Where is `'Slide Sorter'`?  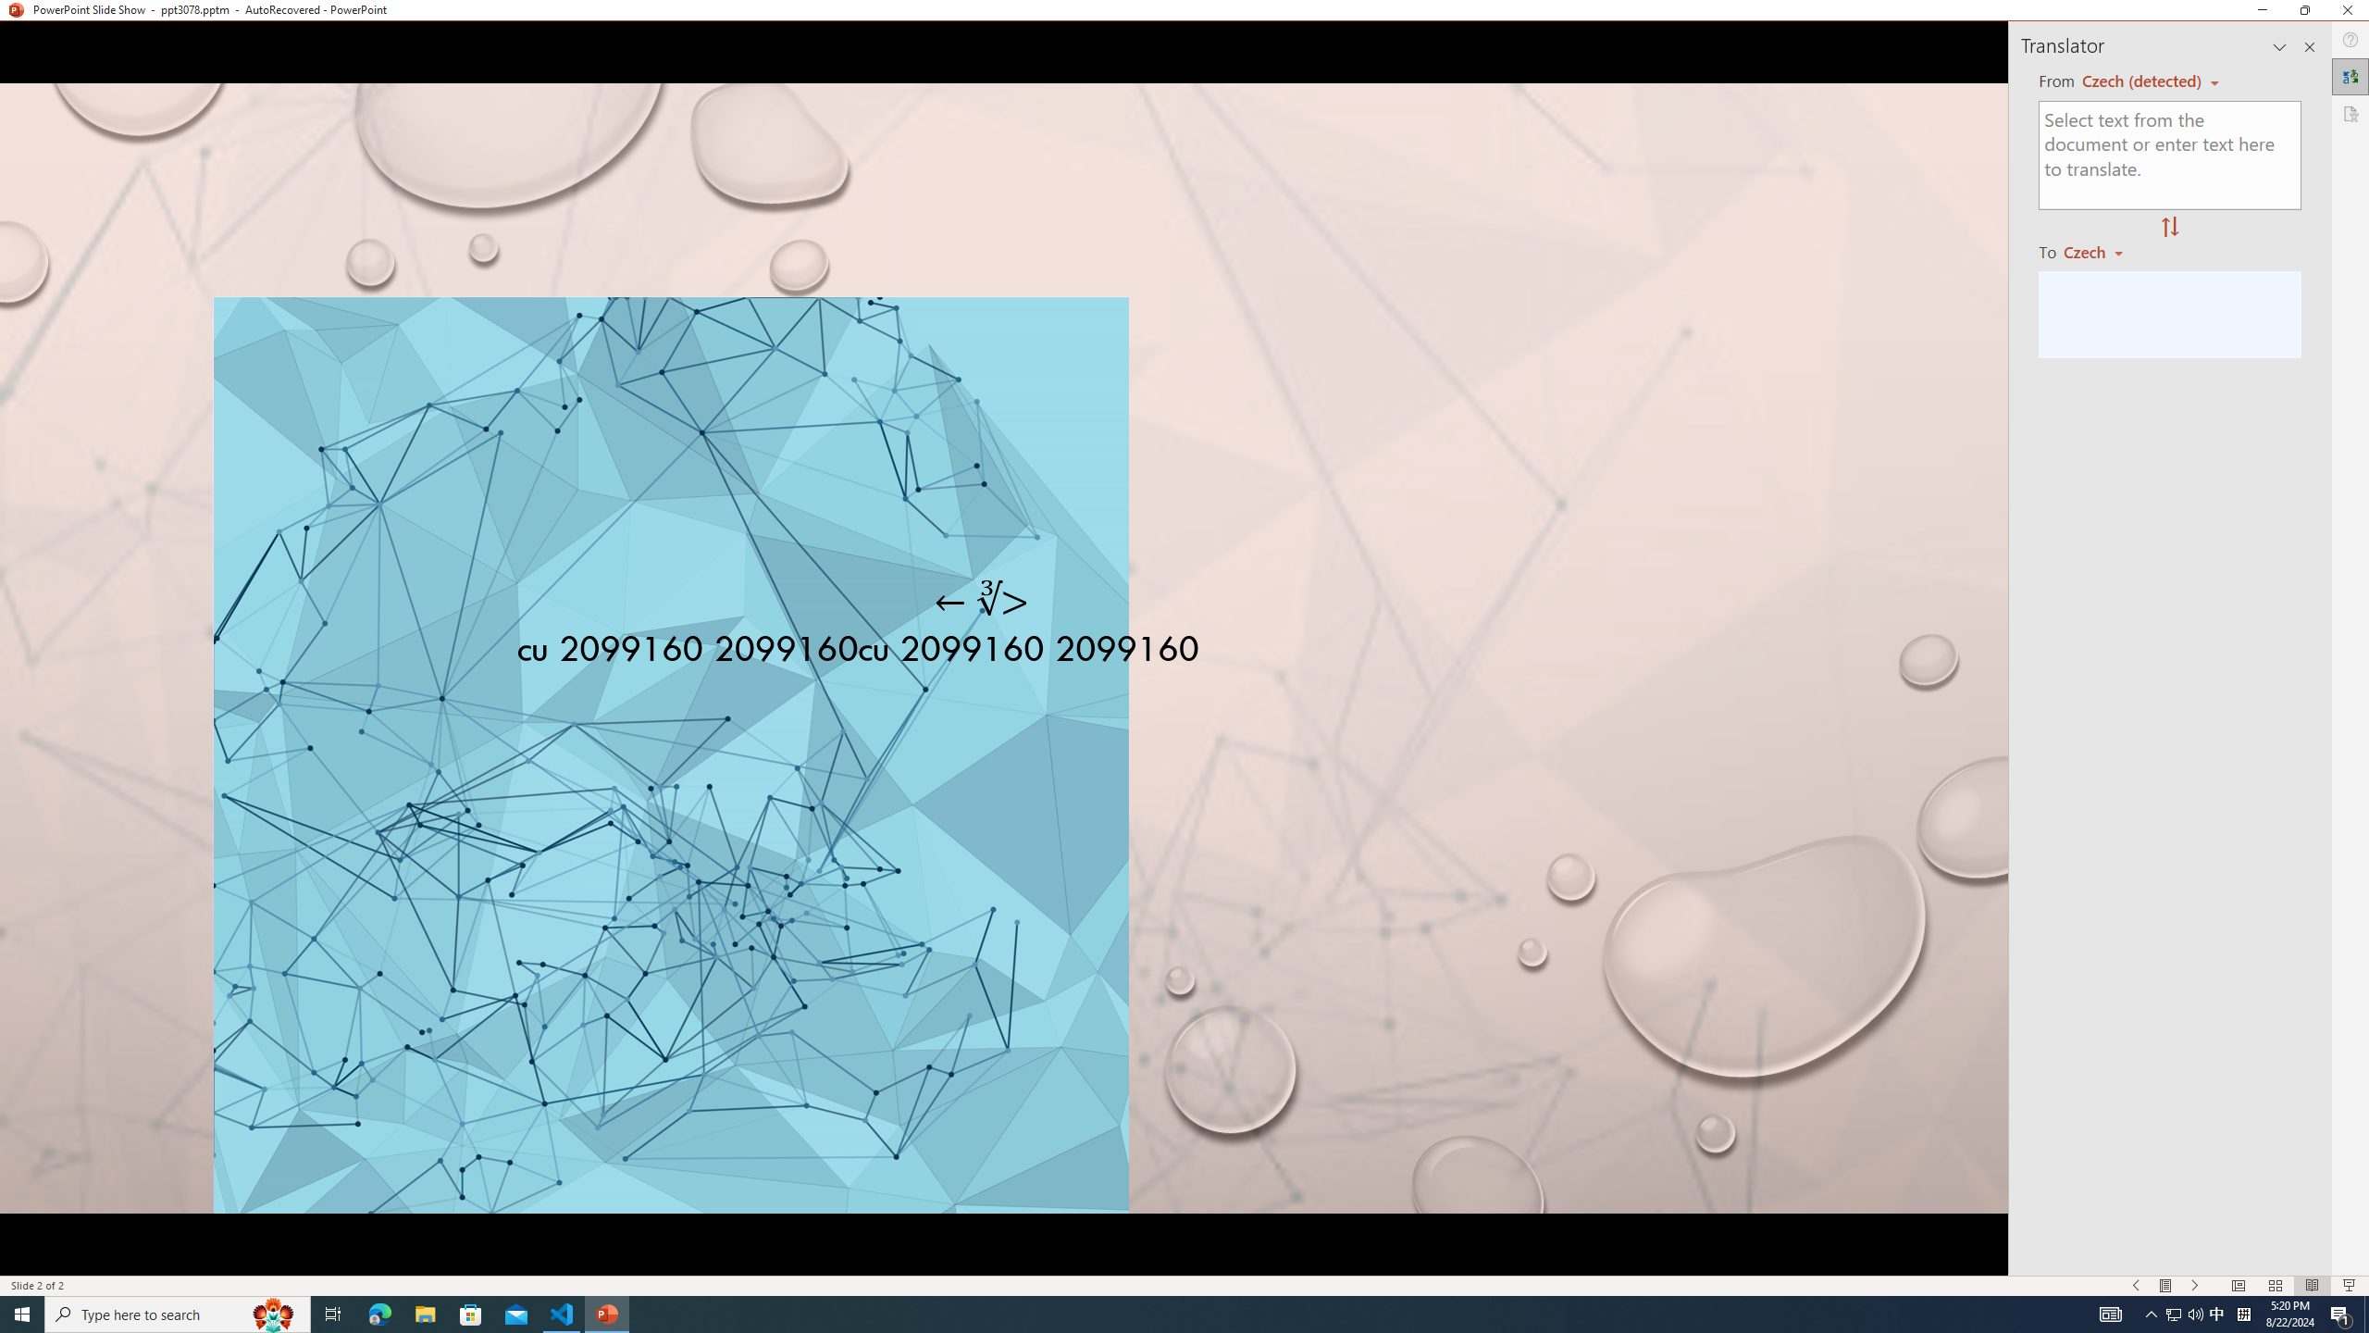 'Slide Sorter' is located at coordinates (2275, 1286).